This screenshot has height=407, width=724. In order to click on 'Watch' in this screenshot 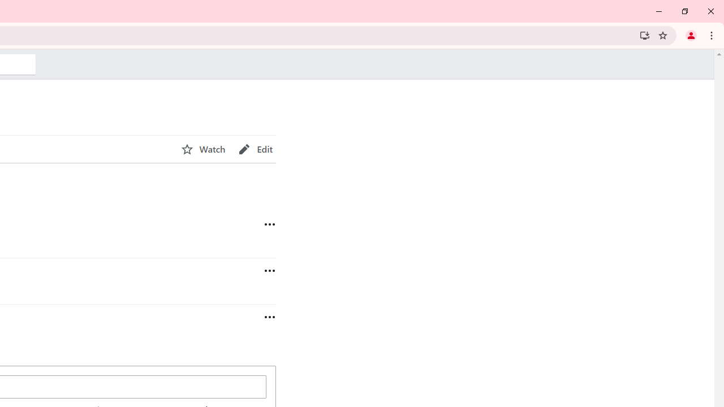, I will do `click(203, 149)`.